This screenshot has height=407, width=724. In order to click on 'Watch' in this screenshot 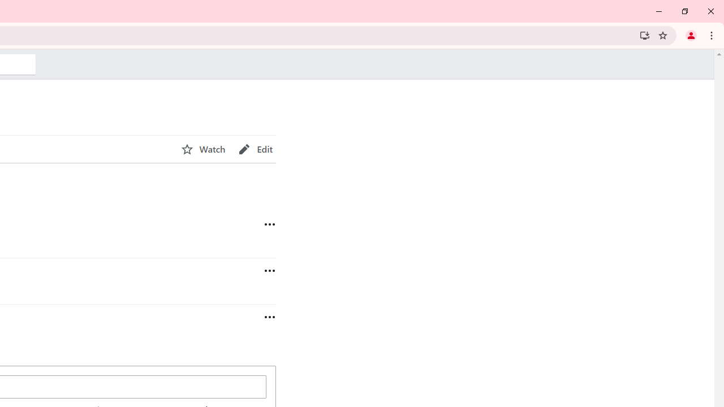, I will do `click(203, 149)`.